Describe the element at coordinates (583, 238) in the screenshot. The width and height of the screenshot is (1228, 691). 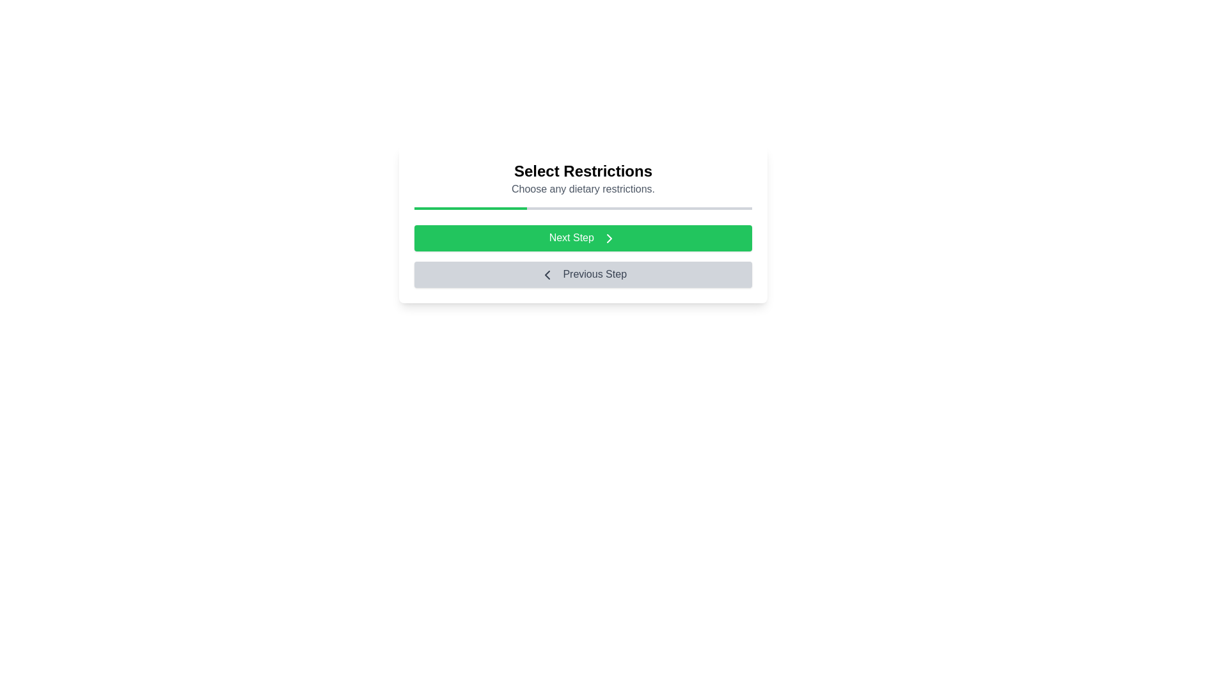
I see `the button labeled Next Step to observe its style change` at that location.